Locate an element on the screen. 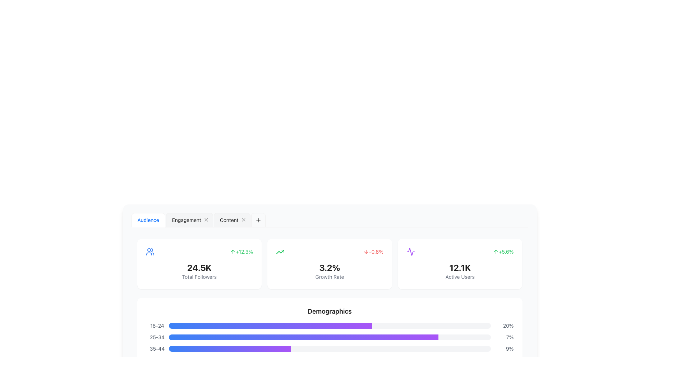  the user-related data icon located in the upper left corner of the first card, which is above the 'Total Followers' label is located at coordinates (149, 251).